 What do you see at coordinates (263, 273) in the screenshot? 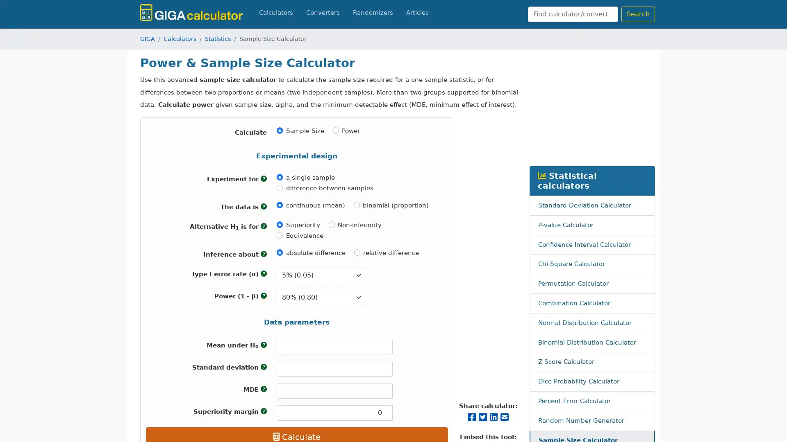
I see `Help: Type I error rate ()` at bounding box center [263, 273].